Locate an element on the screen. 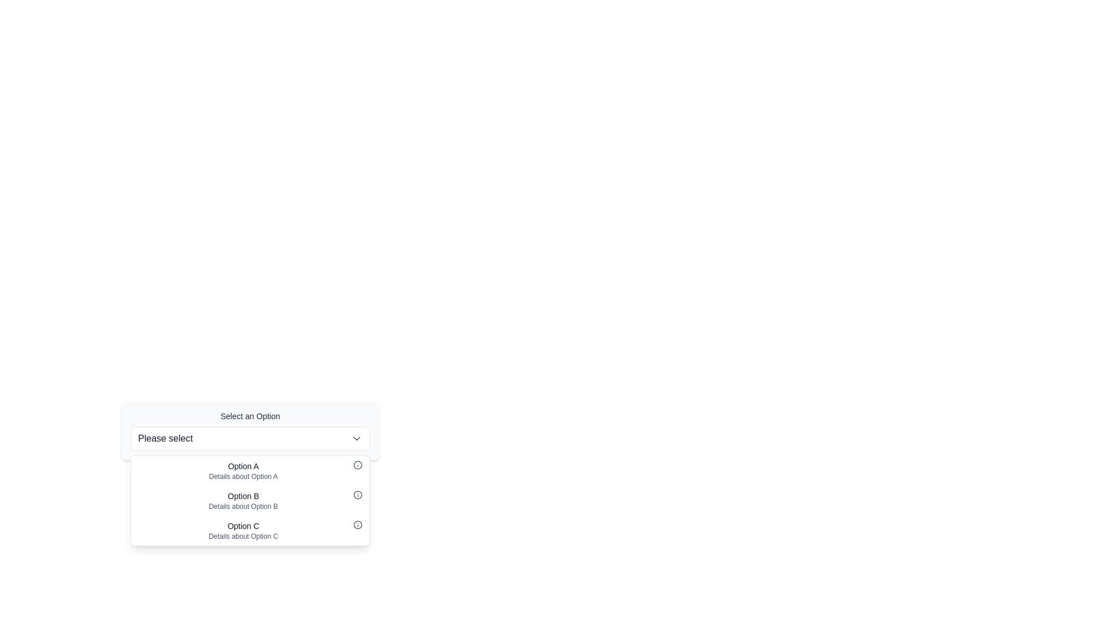  the chevron SVG icon located on the far right side of the dropdown labeled 'Please select' is located at coordinates (356, 439).